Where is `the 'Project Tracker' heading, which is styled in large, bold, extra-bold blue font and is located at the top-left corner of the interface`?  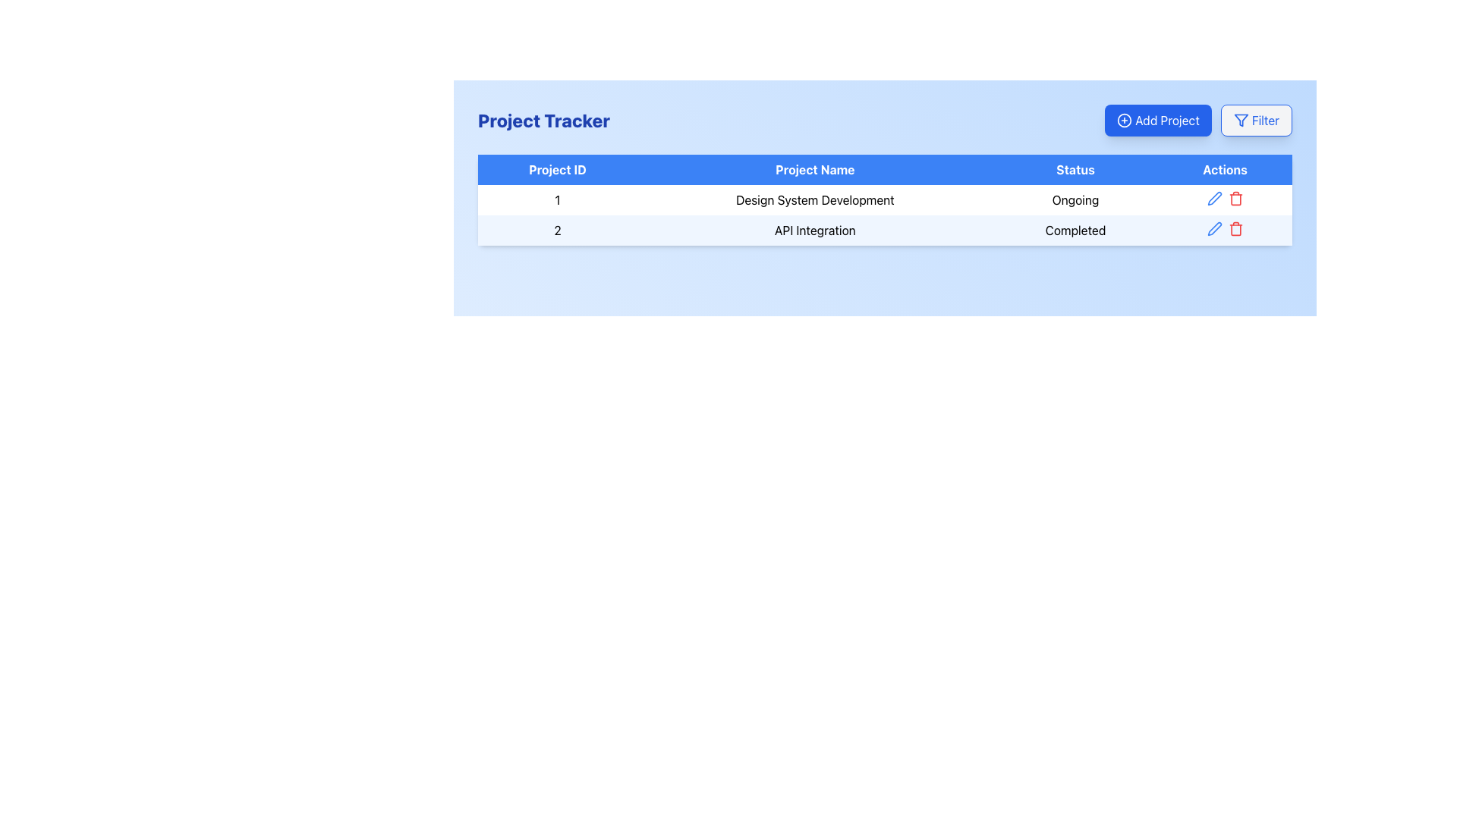
the 'Project Tracker' heading, which is styled in large, bold, extra-bold blue font and is located at the top-left corner of the interface is located at coordinates (543, 119).